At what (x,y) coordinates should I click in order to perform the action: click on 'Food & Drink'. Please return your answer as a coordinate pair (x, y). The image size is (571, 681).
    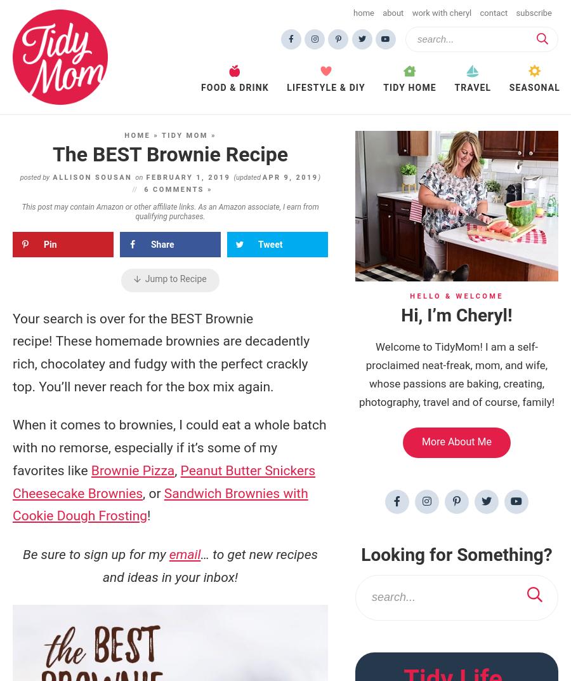
    Looking at the image, I should click on (234, 86).